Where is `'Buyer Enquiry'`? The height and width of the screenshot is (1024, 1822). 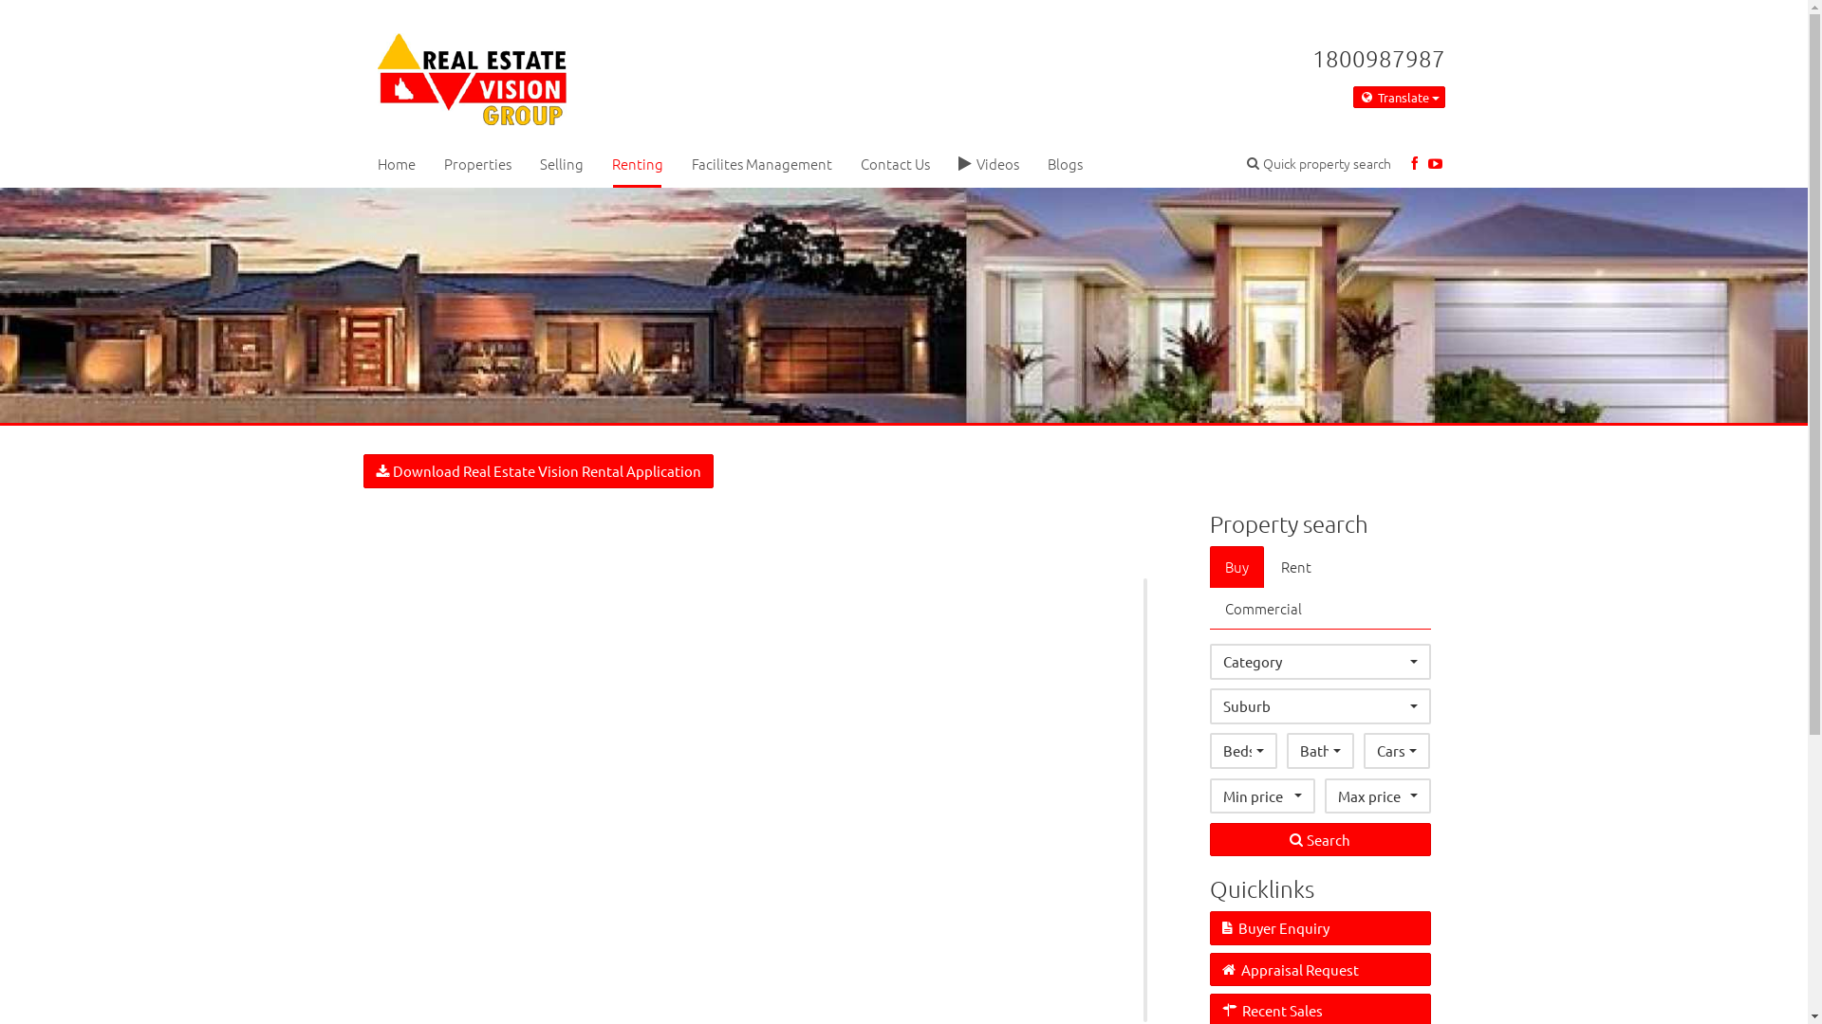
'Buyer Enquiry' is located at coordinates (1319, 926).